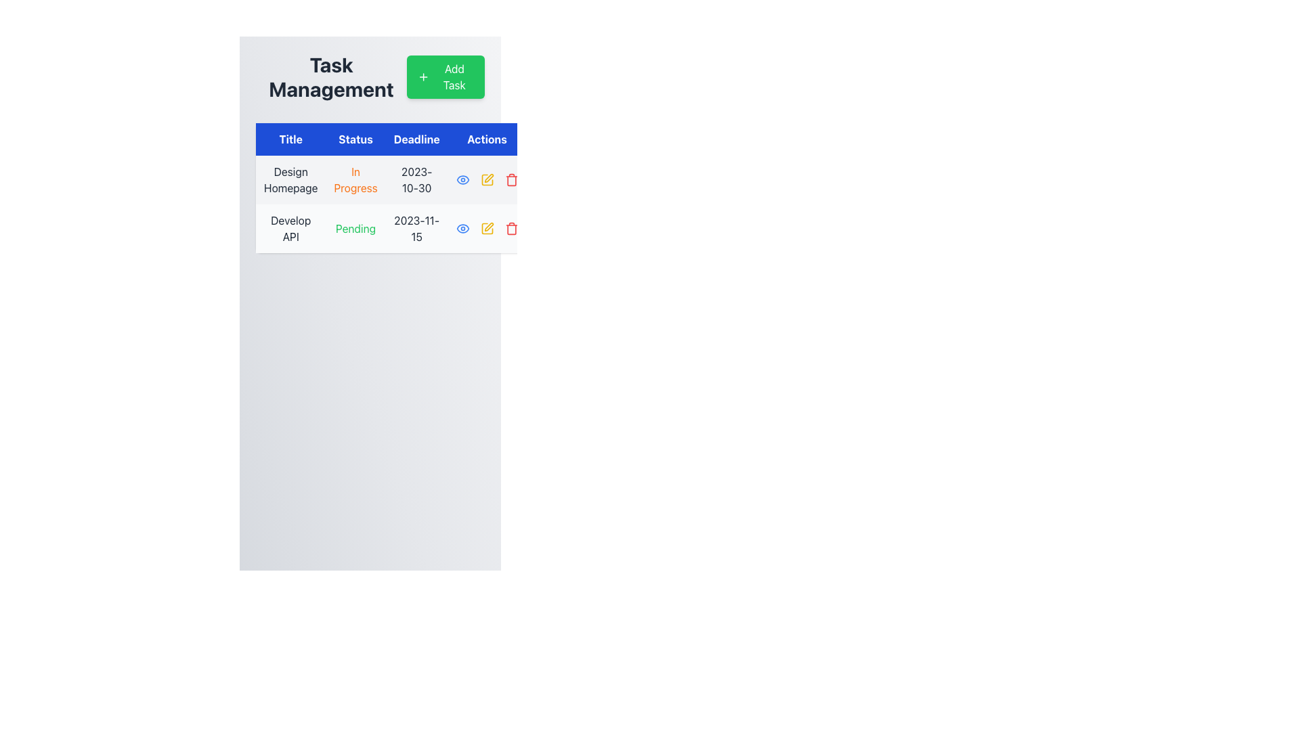 This screenshot has height=731, width=1300. I want to click on the group of buttons in the 'Actions' column of the 'Develop API' row, so click(487, 228).